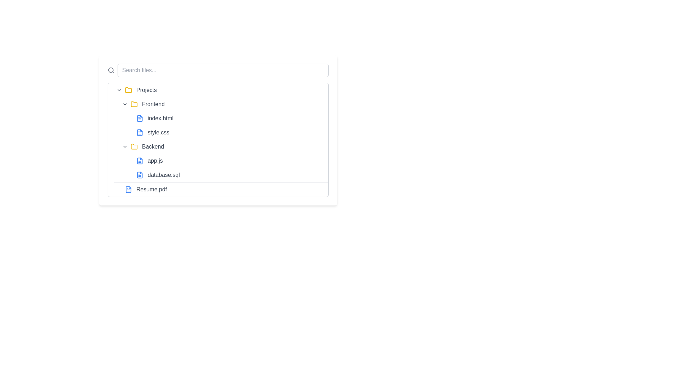 The image size is (680, 382). What do you see at coordinates (129, 189) in the screenshot?
I see `the file icon, which is a blue rectangular shape with a folded top-right corner, positioned` at bounding box center [129, 189].